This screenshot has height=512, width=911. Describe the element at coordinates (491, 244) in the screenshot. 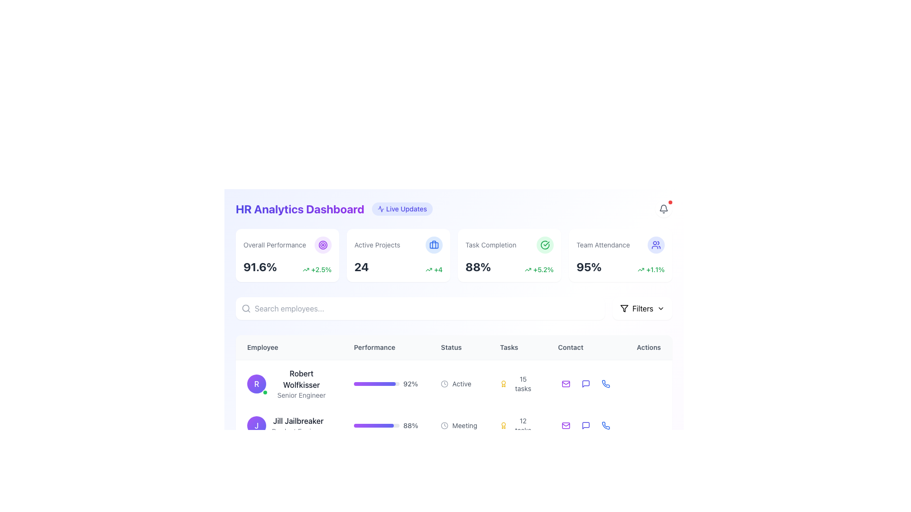

I see `the Text label indicating task completion metrics located in the top section of the dashboard within the third card from the left` at that location.